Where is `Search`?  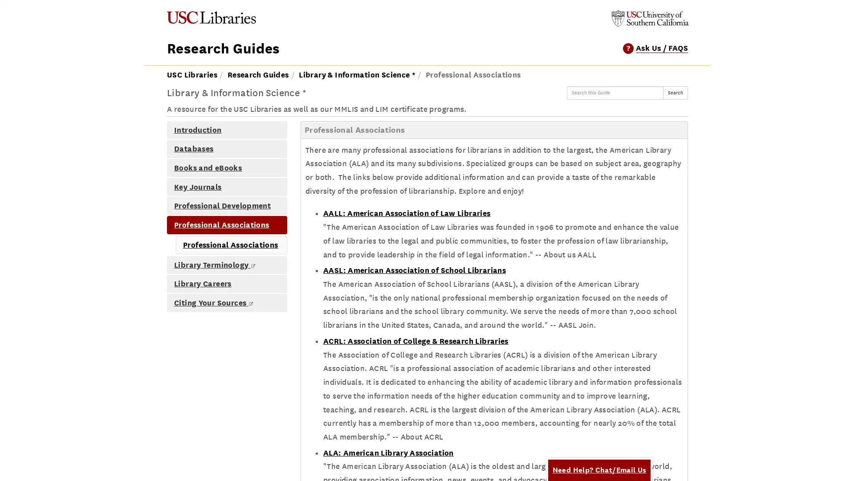
Search is located at coordinates (675, 93).